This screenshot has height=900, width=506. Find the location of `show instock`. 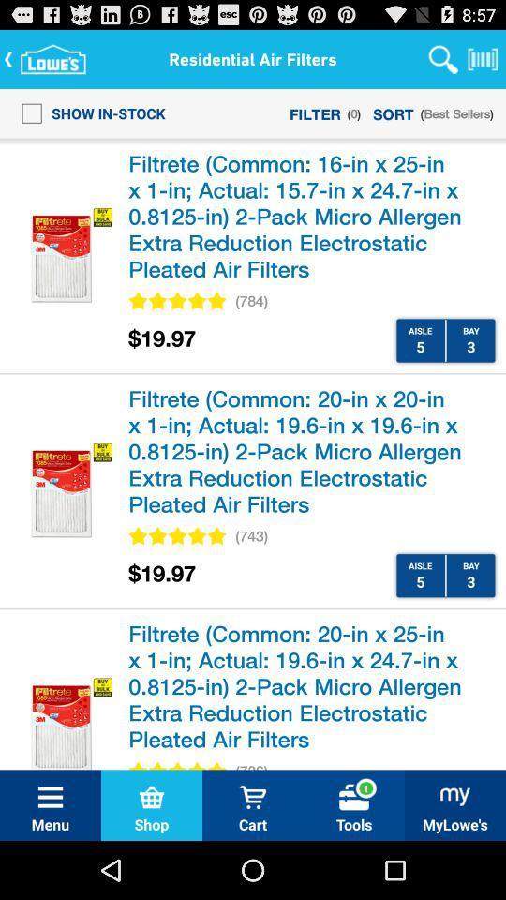

show instock is located at coordinates (87, 112).